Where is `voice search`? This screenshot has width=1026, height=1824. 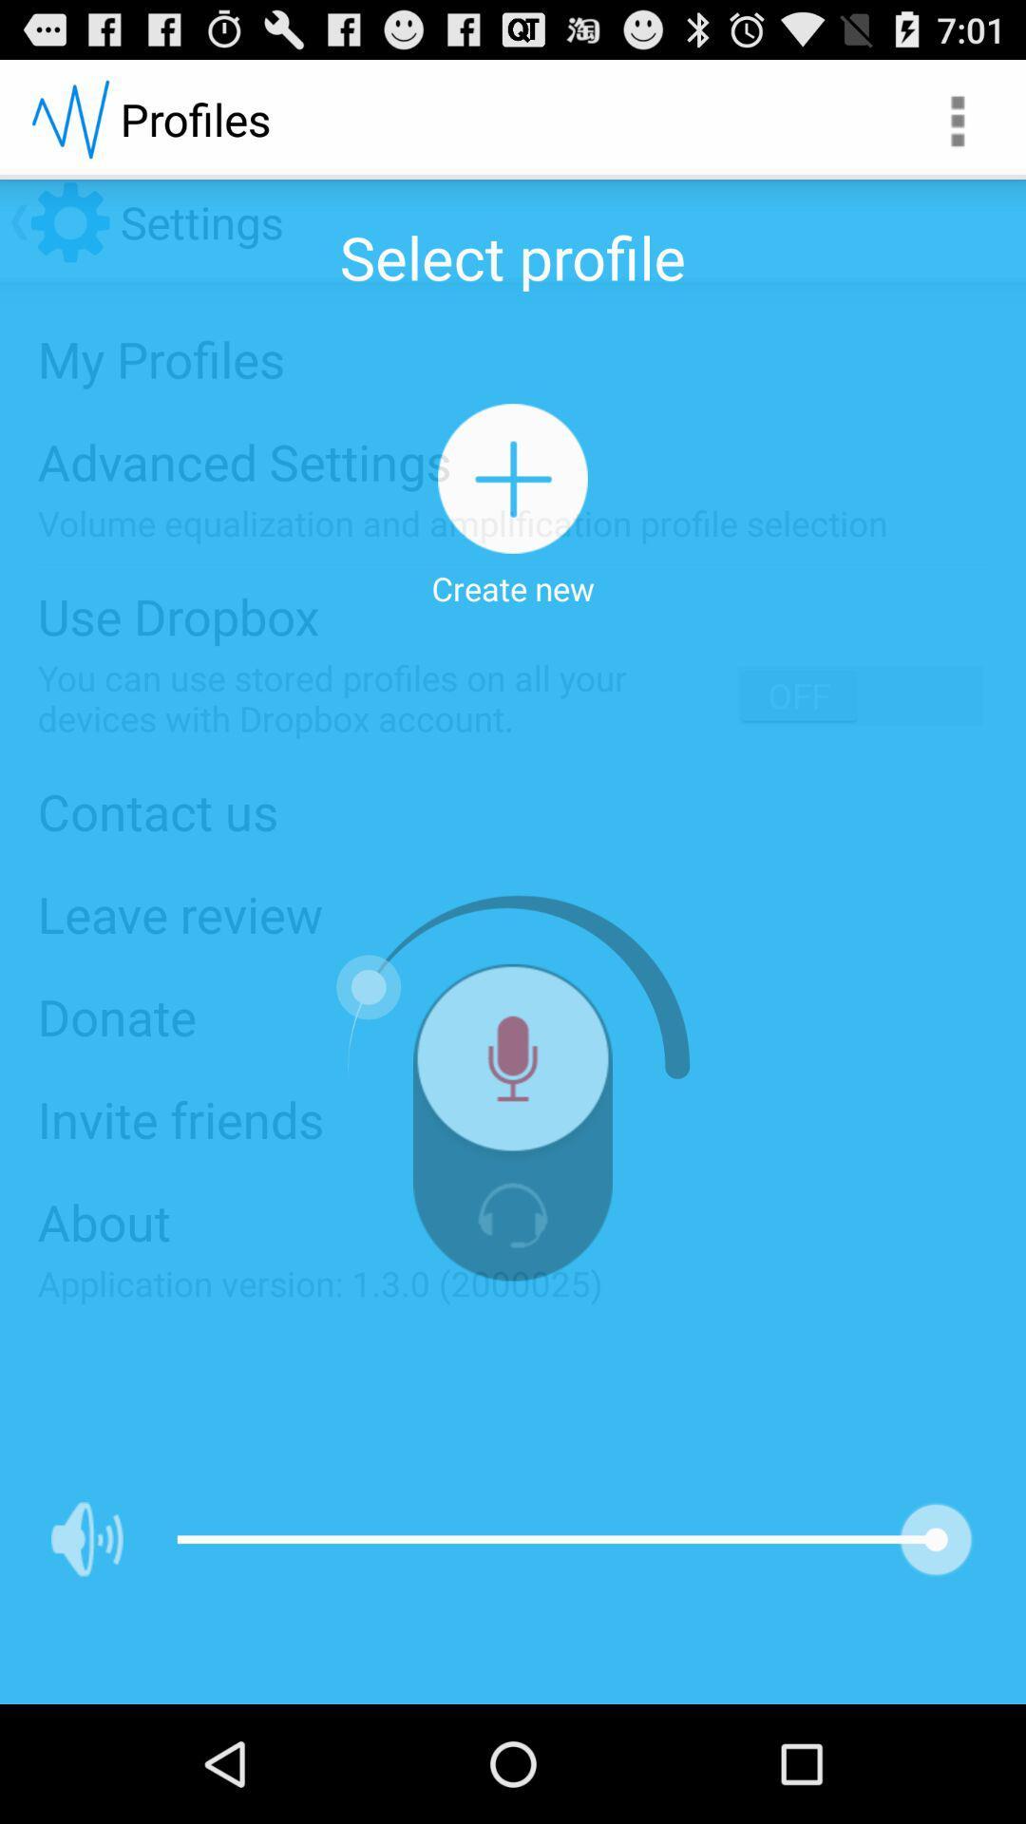 voice search is located at coordinates (513, 1066).